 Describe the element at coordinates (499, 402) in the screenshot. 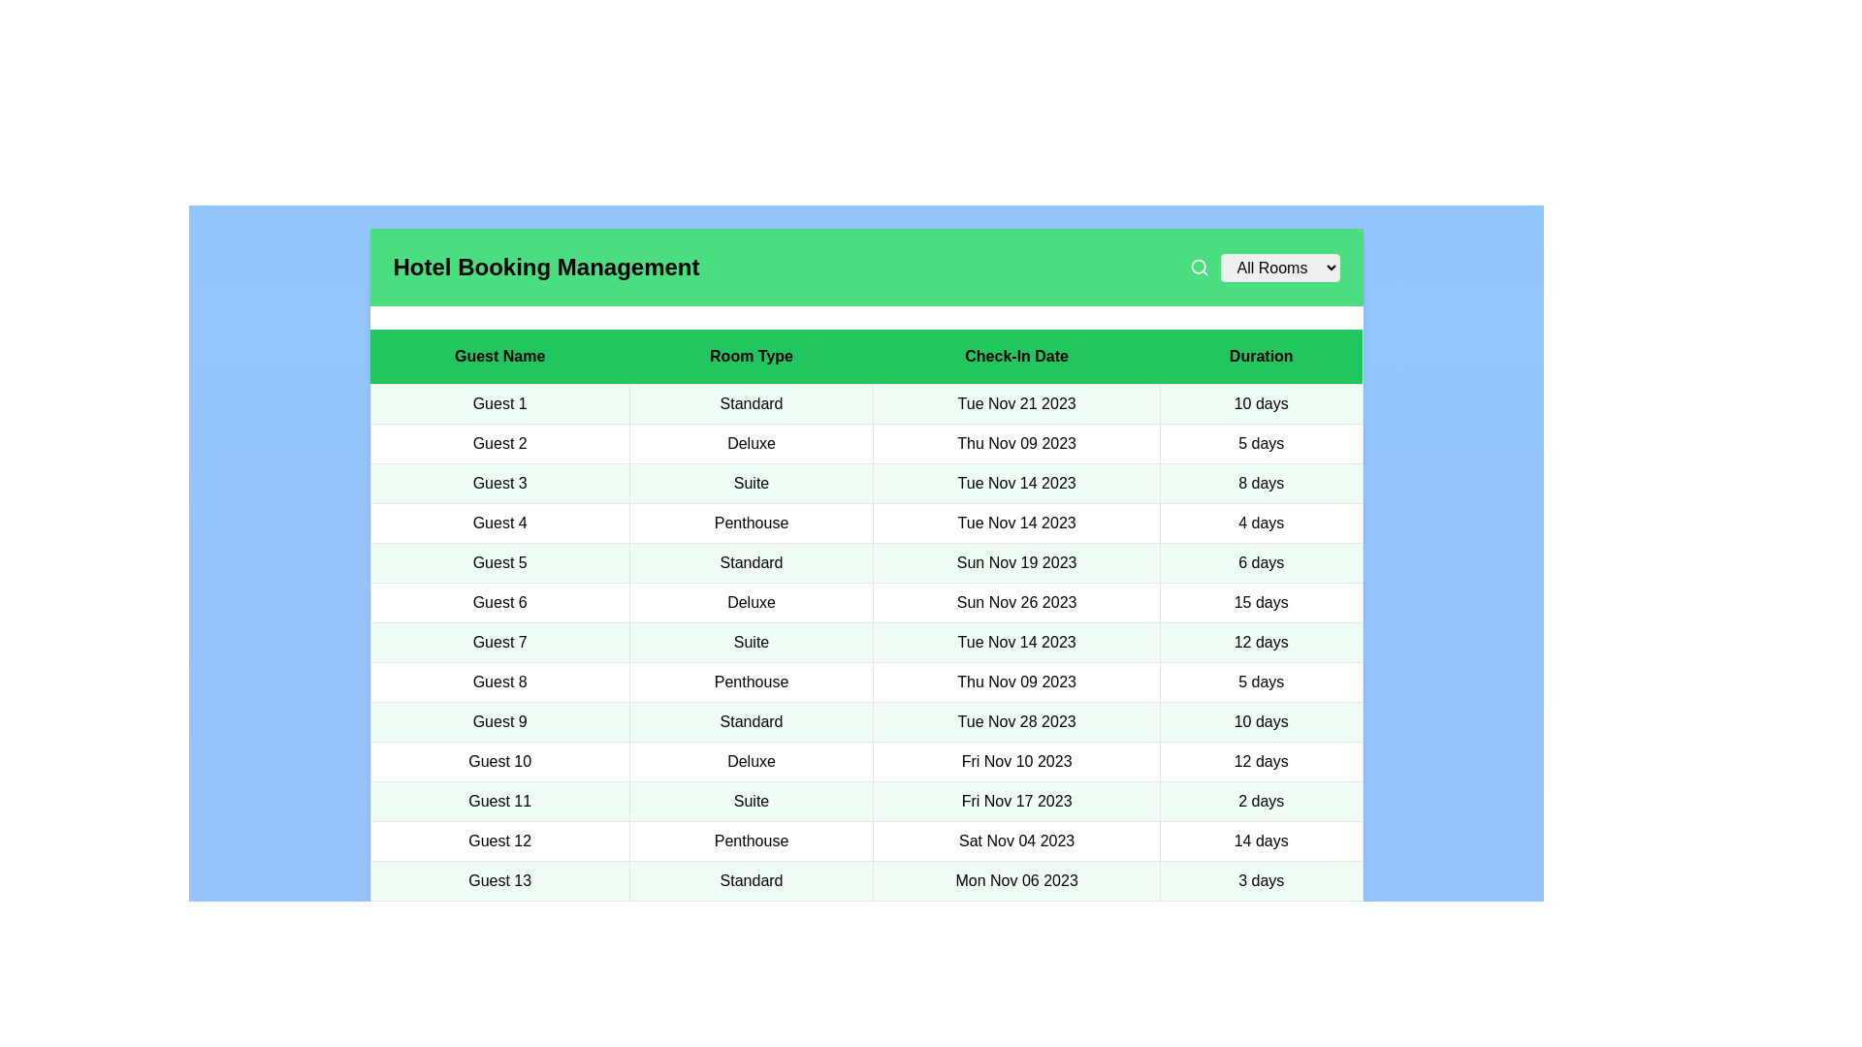

I see `the text 'Guest 1' in the table to highlight it` at that location.